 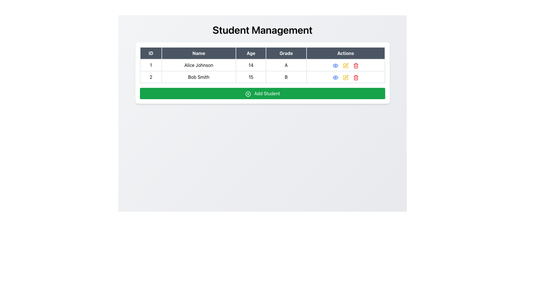 I want to click on the edit button located in the second row of the table under the 'Actions' column, positioned between a blue eye icon on the left and a red trash icon on the right, so click(x=345, y=77).